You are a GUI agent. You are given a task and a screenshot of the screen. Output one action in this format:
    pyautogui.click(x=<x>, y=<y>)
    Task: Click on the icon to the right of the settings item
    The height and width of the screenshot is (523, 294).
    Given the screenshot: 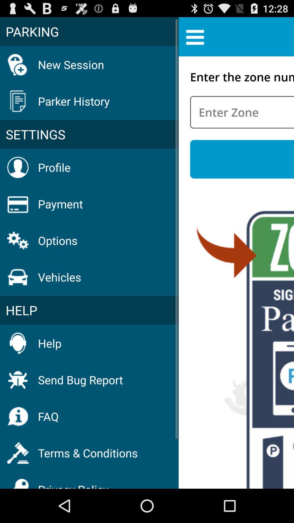 What is the action you would take?
    pyautogui.click(x=242, y=159)
    